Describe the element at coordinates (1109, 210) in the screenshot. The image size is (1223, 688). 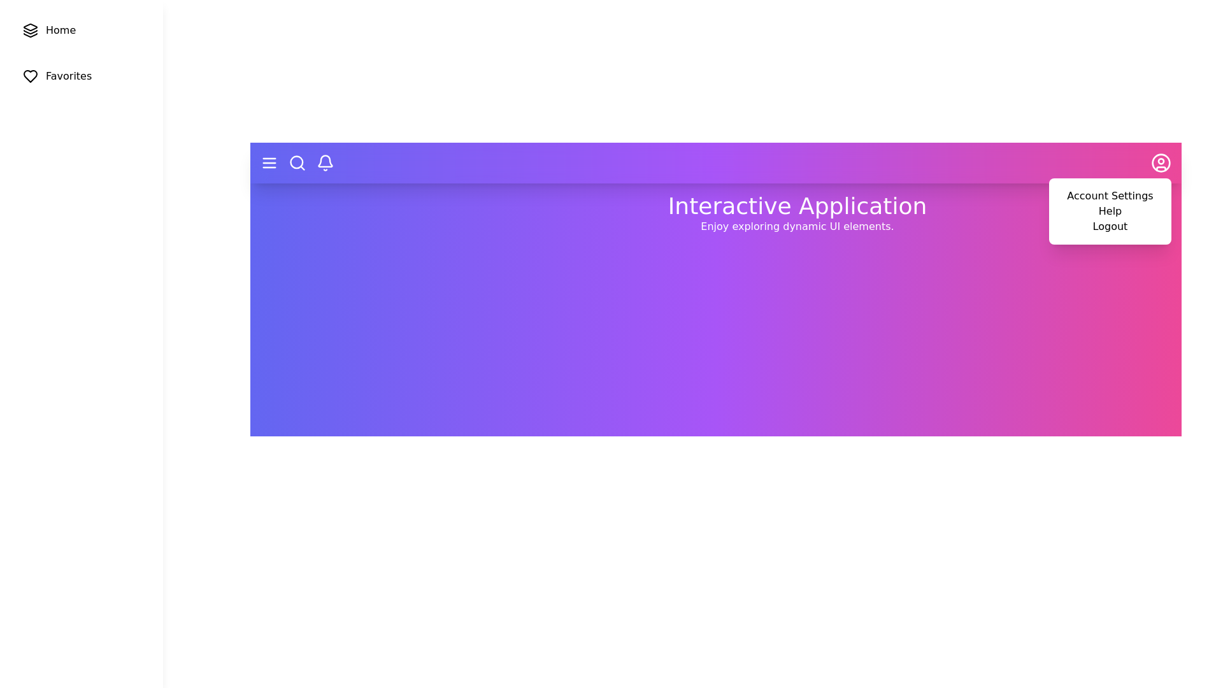
I see `the Help option from the dropdown menu` at that location.